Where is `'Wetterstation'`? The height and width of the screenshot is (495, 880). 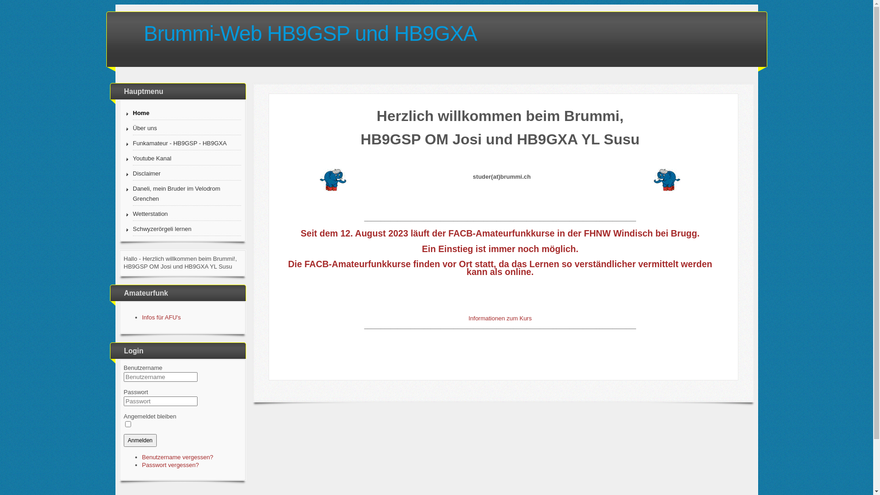
'Wetterstation' is located at coordinates (187, 214).